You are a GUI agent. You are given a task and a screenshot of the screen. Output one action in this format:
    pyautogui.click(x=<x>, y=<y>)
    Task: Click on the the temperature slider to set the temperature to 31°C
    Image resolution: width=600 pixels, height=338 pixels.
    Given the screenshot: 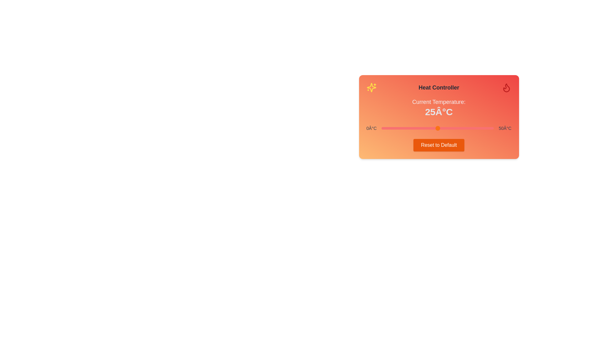 What is the action you would take?
    pyautogui.click(x=451, y=128)
    